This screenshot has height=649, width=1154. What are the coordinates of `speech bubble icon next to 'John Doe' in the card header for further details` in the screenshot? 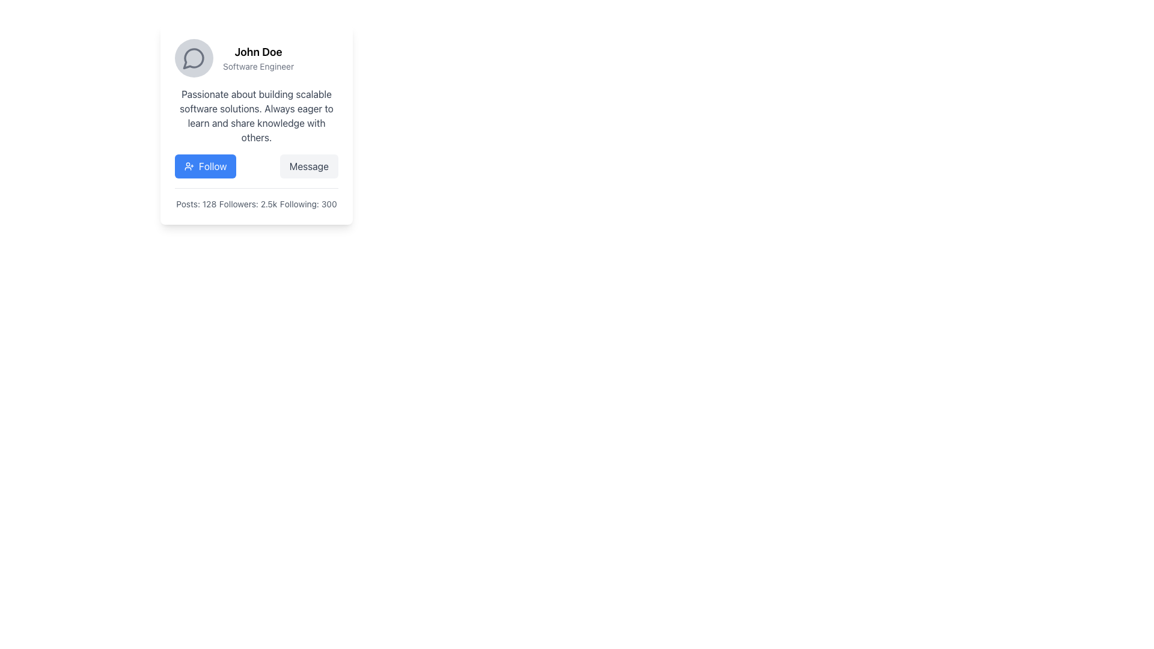 It's located at (194, 58).